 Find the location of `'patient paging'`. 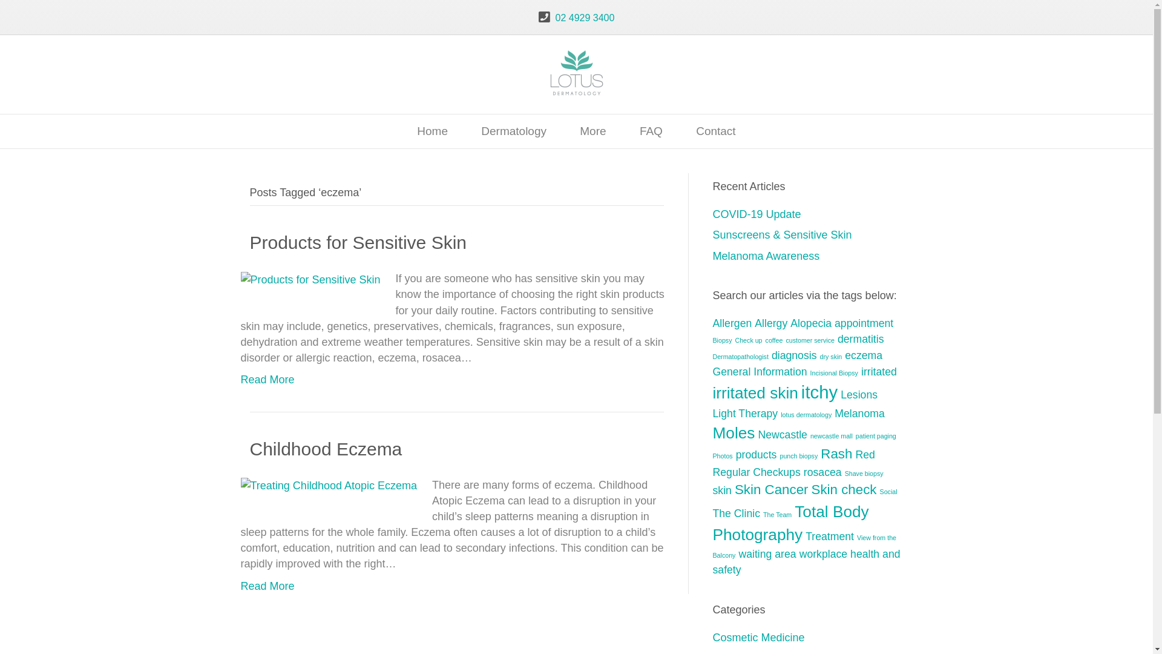

'patient paging' is located at coordinates (876, 436).